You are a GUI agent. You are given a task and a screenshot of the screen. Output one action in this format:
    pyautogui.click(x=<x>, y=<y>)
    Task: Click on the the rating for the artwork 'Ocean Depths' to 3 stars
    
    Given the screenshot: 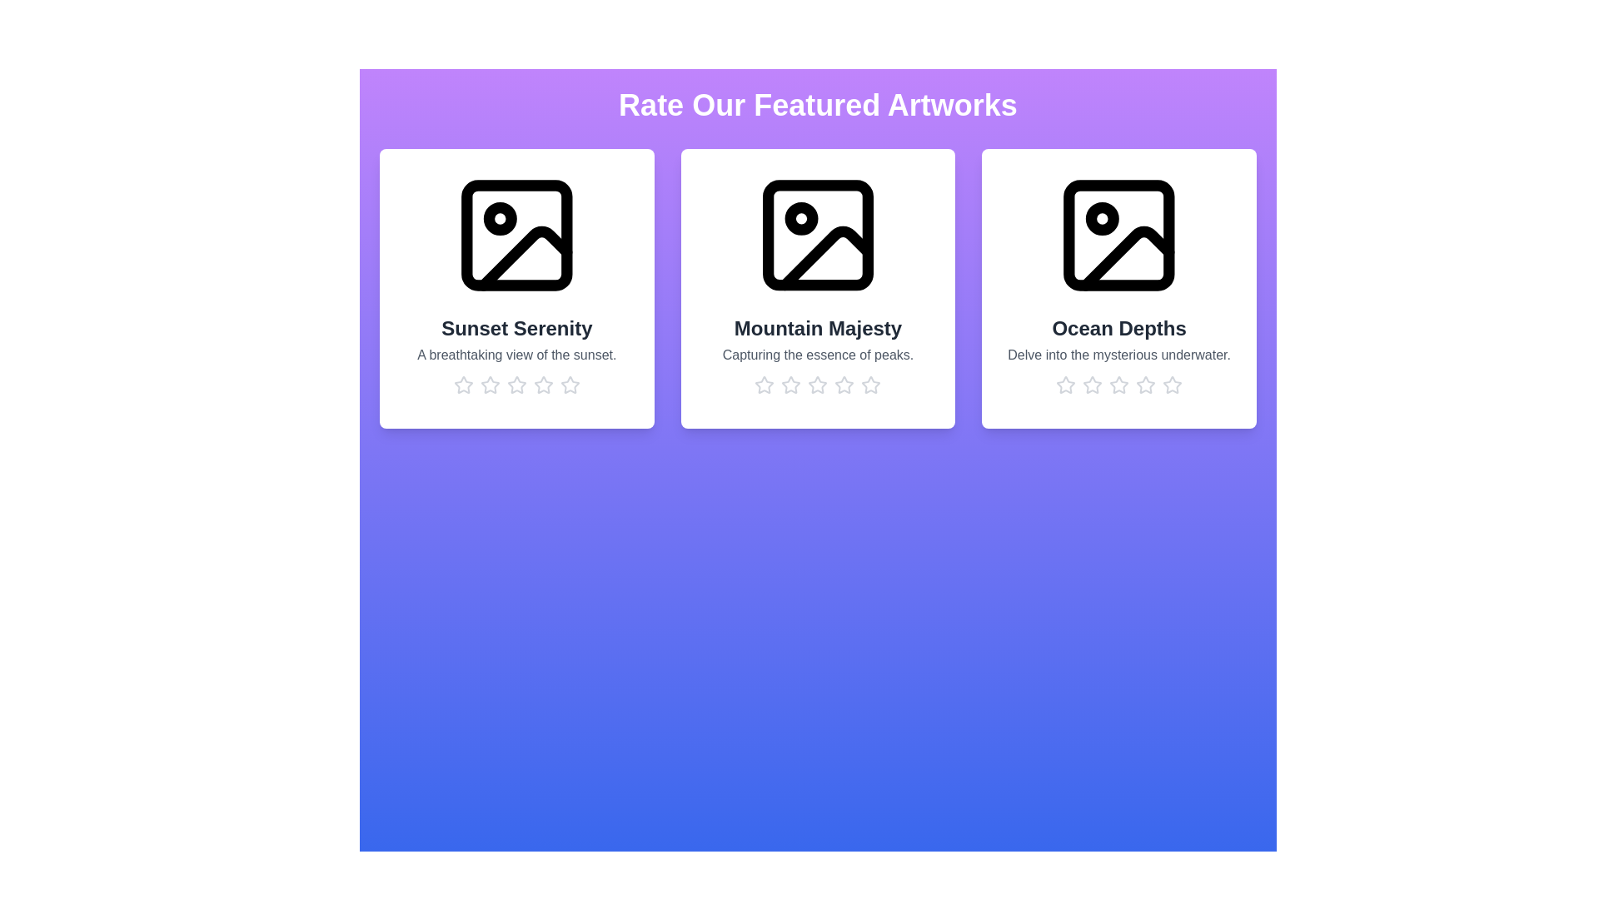 What is the action you would take?
    pyautogui.click(x=1119, y=385)
    